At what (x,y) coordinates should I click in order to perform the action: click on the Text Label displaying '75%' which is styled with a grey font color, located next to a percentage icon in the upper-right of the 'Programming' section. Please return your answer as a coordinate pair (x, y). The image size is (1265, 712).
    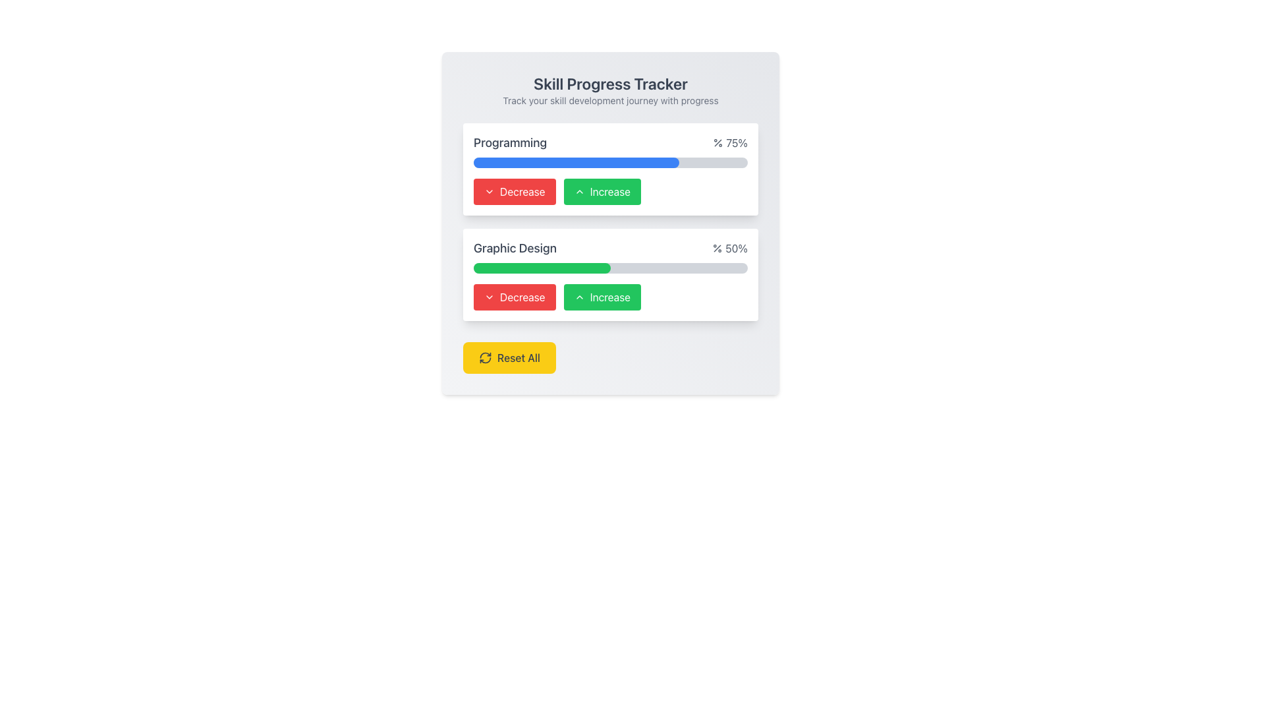
    Looking at the image, I should click on (729, 142).